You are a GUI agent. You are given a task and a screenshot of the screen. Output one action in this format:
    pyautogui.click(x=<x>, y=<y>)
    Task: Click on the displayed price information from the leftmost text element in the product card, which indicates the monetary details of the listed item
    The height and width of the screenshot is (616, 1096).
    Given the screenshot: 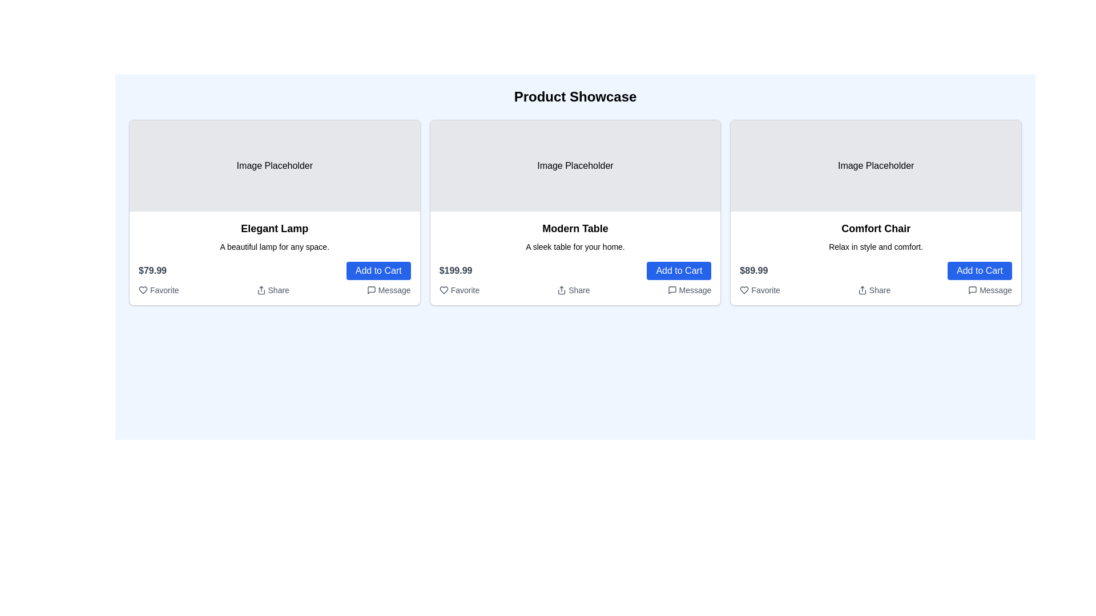 What is the action you would take?
    pyautogui.click(x=152, y=270)
    